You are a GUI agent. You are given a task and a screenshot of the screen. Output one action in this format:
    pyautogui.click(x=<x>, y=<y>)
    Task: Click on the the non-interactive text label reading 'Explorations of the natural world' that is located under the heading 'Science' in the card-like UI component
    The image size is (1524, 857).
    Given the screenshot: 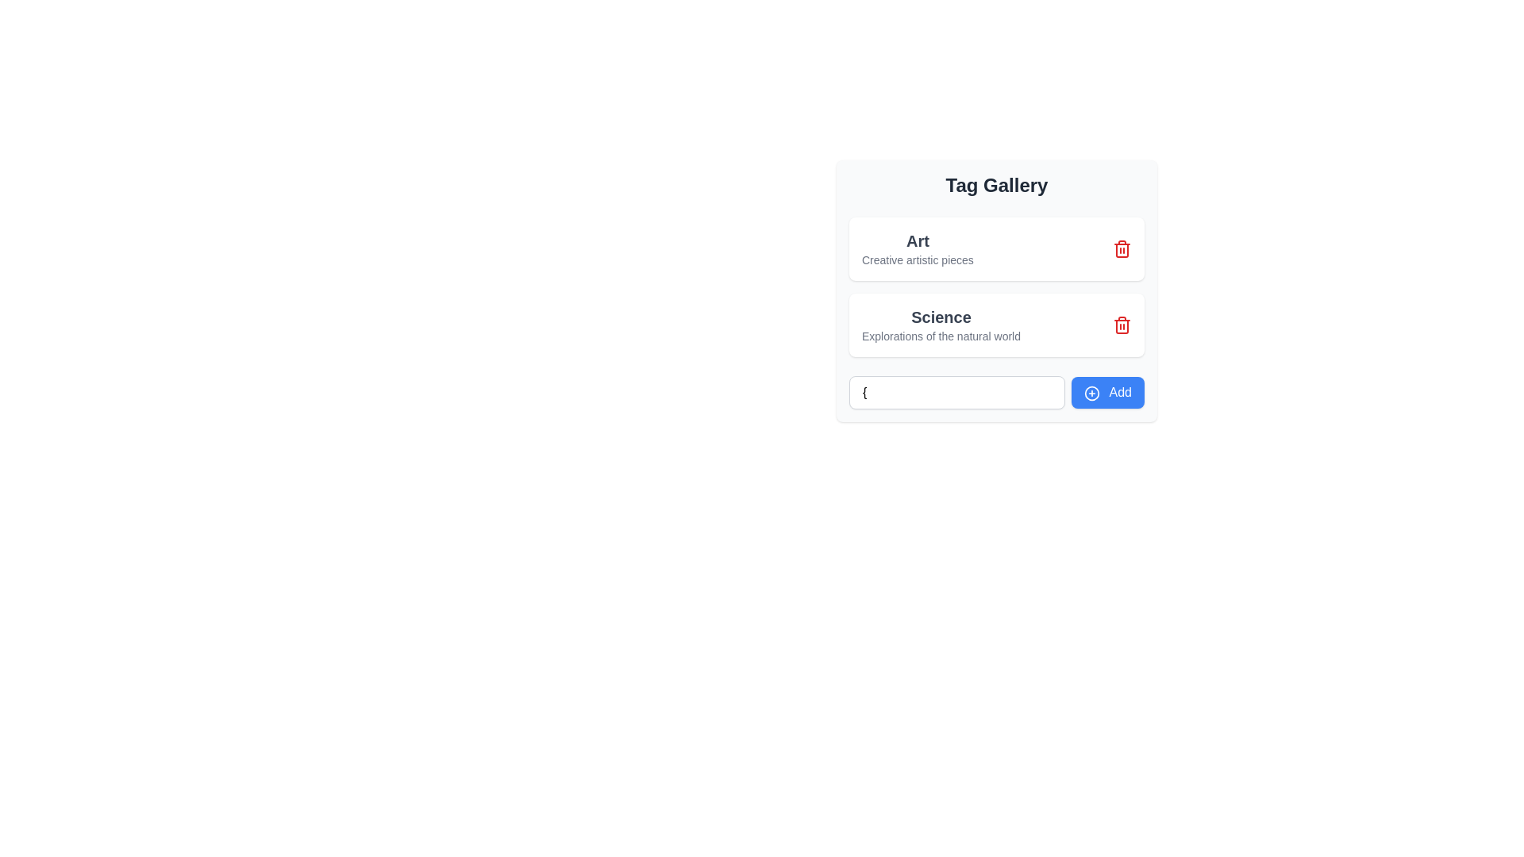 What is the action you would take?
    pyautogui.click(x=941, y=336)
    